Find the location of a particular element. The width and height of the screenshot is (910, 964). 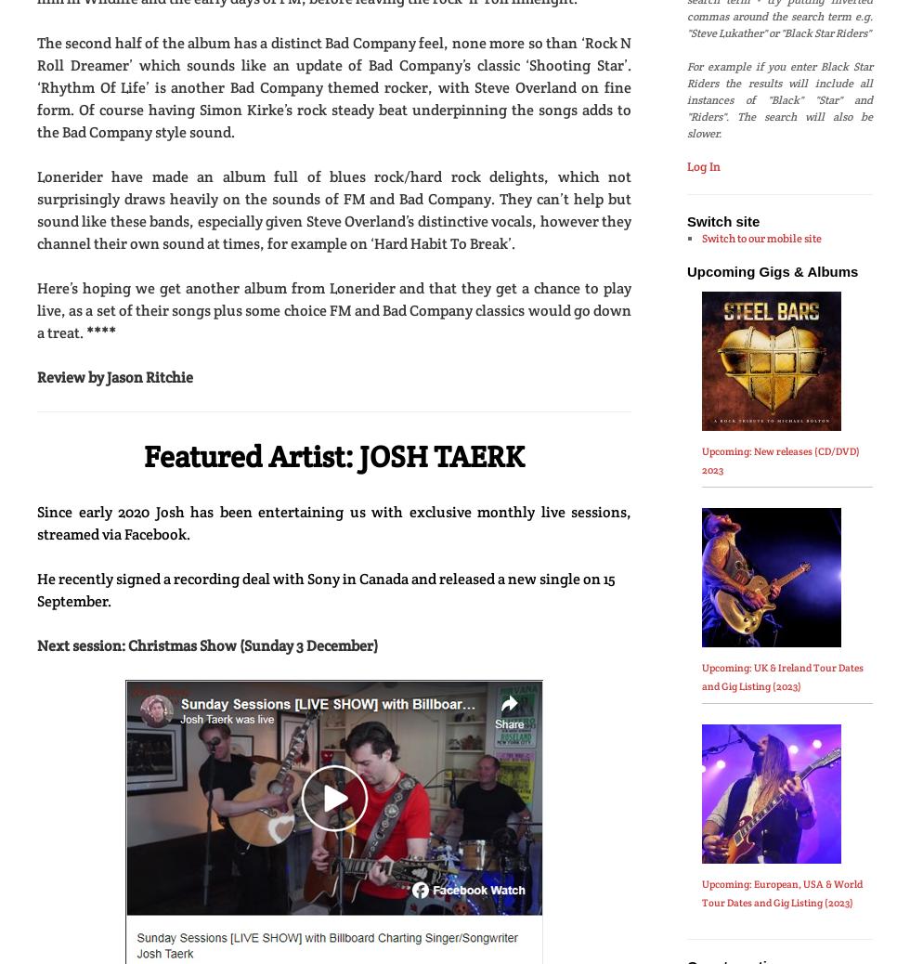

'Switch to our mobile site' is located at coordinates (700, 237).